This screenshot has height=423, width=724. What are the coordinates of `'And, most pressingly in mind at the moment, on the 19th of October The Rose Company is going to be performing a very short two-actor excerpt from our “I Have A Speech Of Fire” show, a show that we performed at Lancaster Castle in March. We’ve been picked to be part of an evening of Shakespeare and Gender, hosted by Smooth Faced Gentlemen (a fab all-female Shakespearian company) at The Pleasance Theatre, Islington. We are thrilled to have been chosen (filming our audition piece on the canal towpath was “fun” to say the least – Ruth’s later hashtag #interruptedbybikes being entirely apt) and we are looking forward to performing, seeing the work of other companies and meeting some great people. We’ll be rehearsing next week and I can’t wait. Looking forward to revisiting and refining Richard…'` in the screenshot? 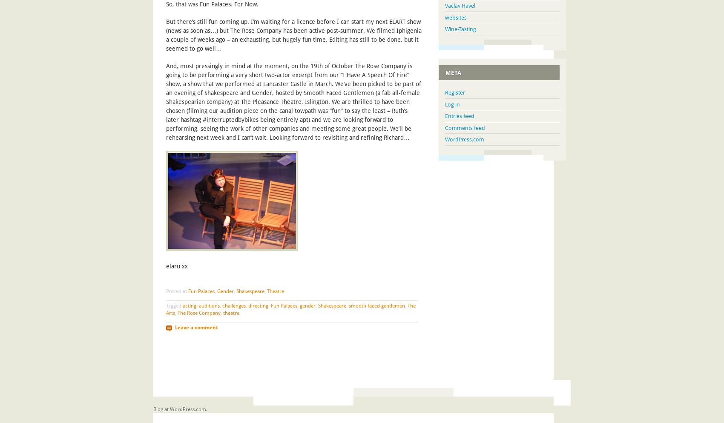 It's located at (293, 101).